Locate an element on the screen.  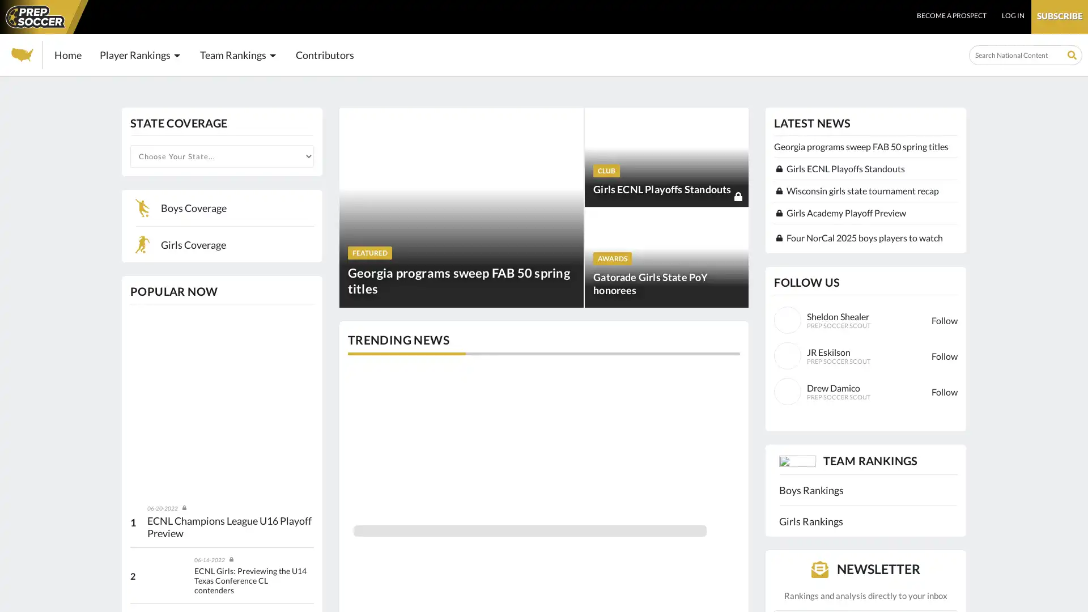
Next is located at coordinates (738, 443).